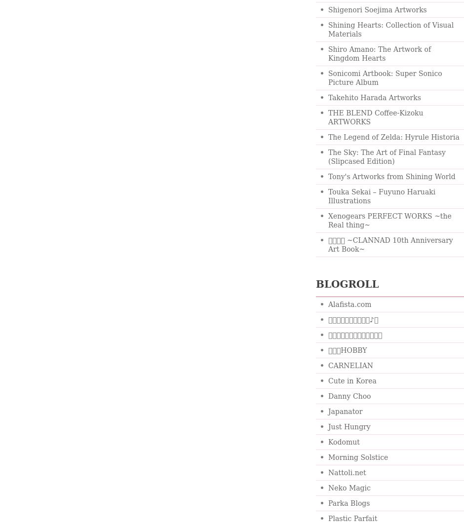 Image resolution: width=464 pixels, height=526 pixels. Describe the element at coordinates (389, 220) in the screenshot. I see `'Xenogears PERFECT WORKS ~the Real thing~'` at that location.